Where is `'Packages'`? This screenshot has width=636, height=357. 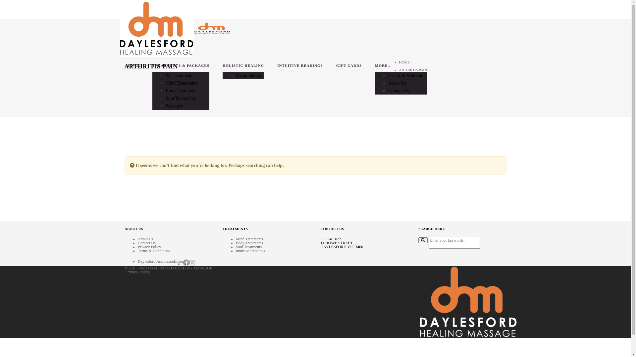
'Packages' is located at coordinates (174, 105).